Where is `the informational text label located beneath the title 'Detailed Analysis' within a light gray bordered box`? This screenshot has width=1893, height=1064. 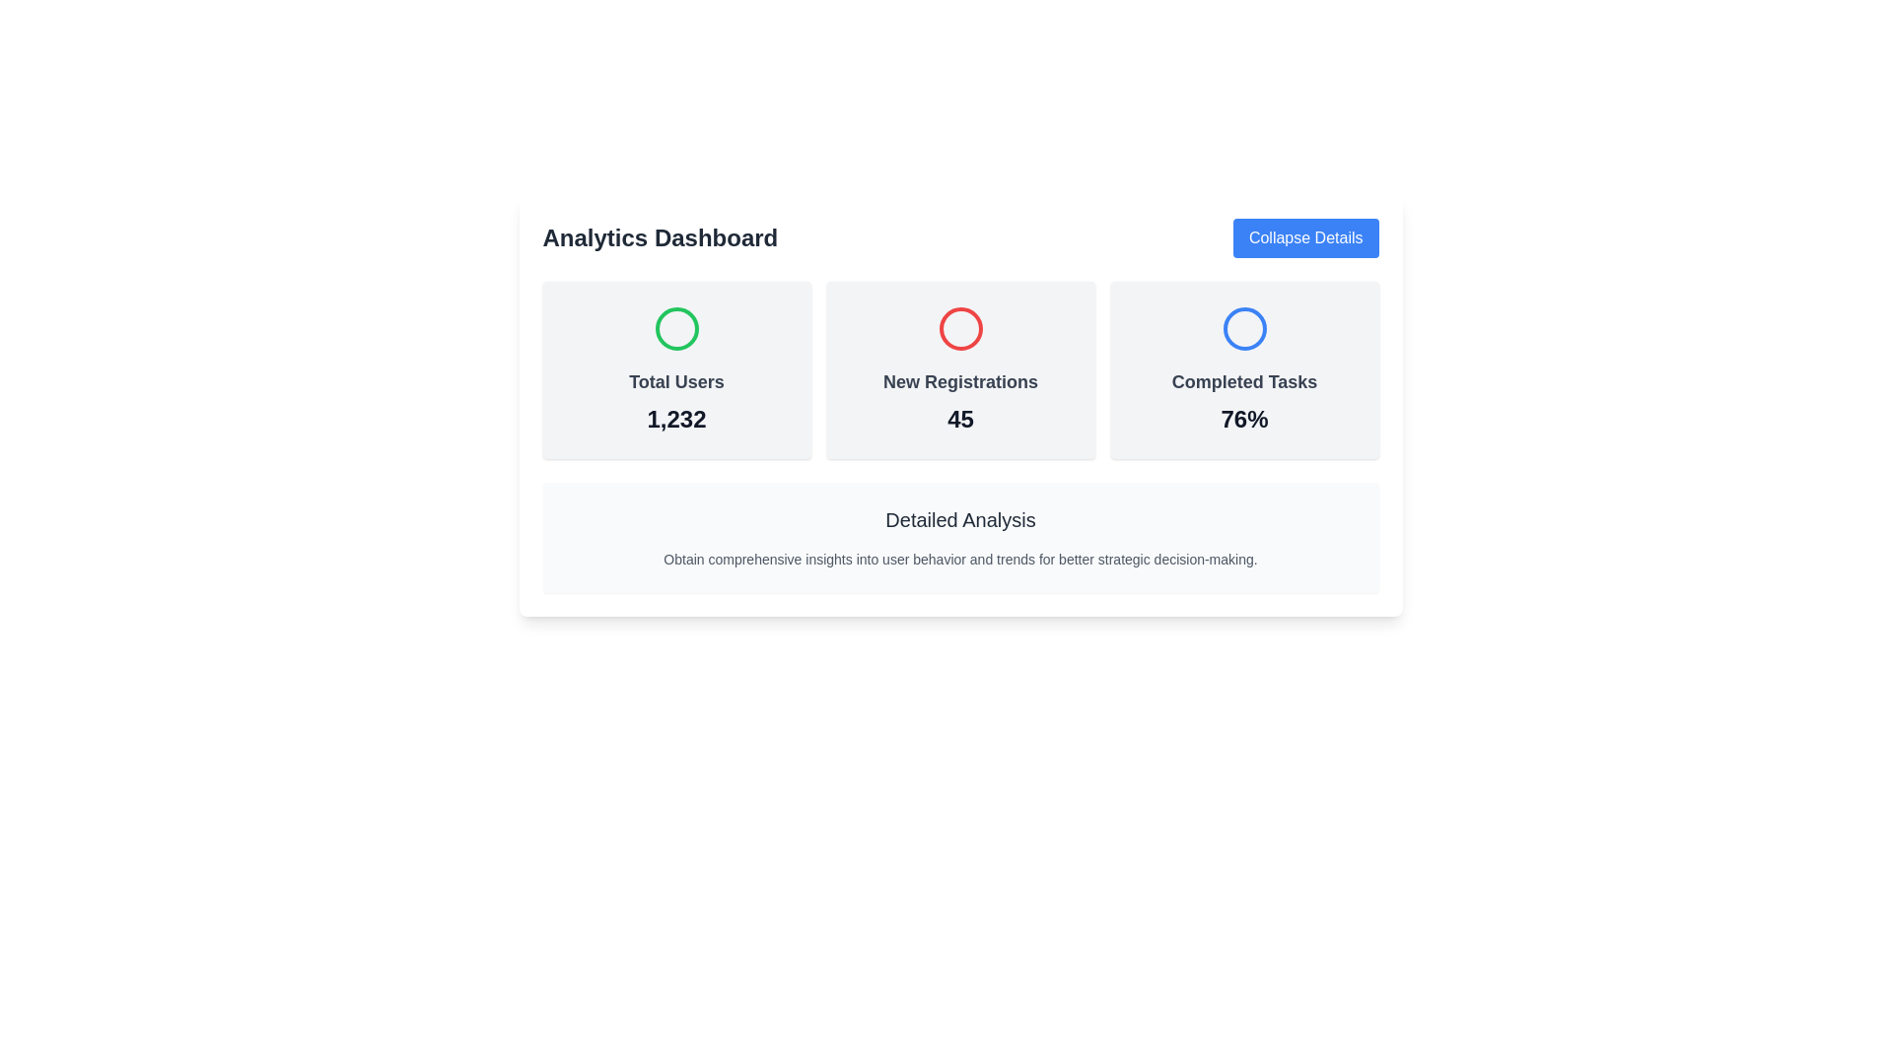 the informational text label located beneath the title 'Detailed Analysis' within a light gray bordered box is located at coordinates (960, 559).